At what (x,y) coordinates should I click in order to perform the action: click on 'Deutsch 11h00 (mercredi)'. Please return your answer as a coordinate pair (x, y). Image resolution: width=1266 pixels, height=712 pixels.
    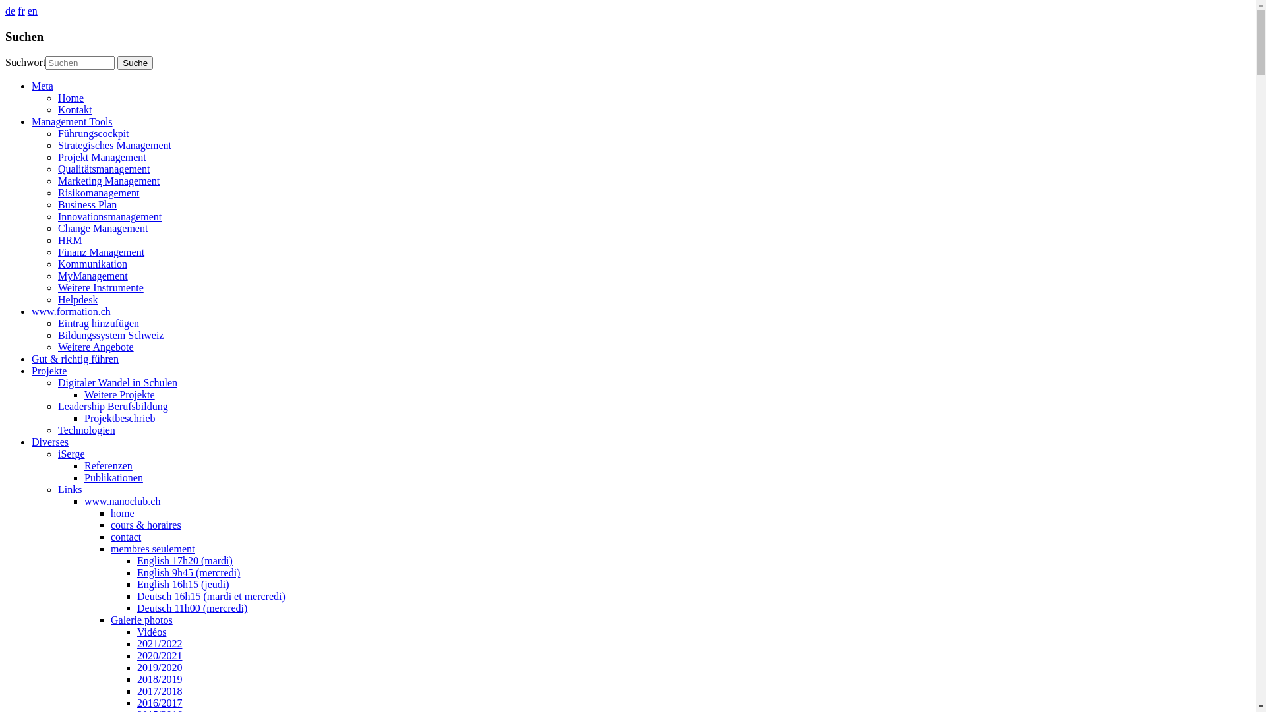
    Looking at the image, I should click on (191, 608).